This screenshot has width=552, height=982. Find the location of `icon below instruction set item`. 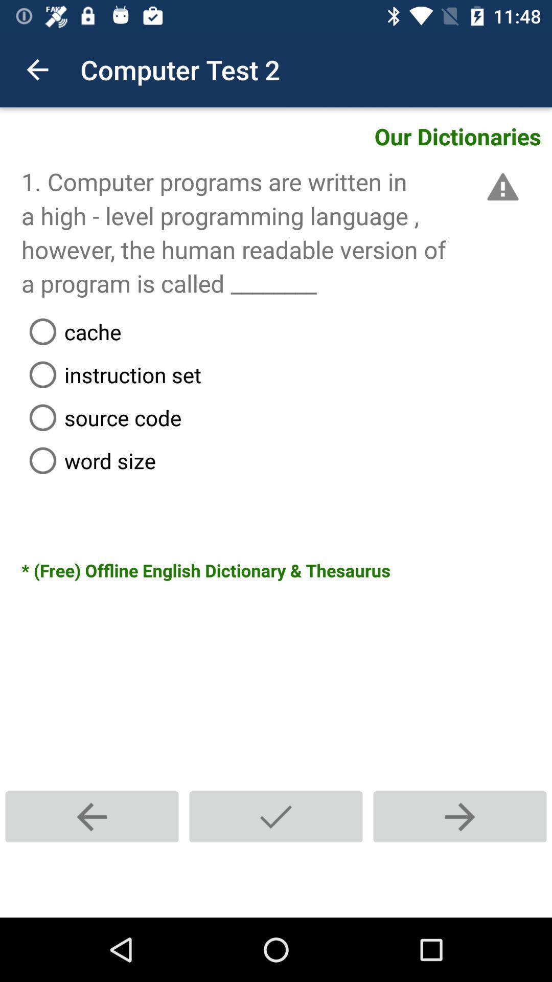

icon below instruction set item is located at coordinates (286, 417).